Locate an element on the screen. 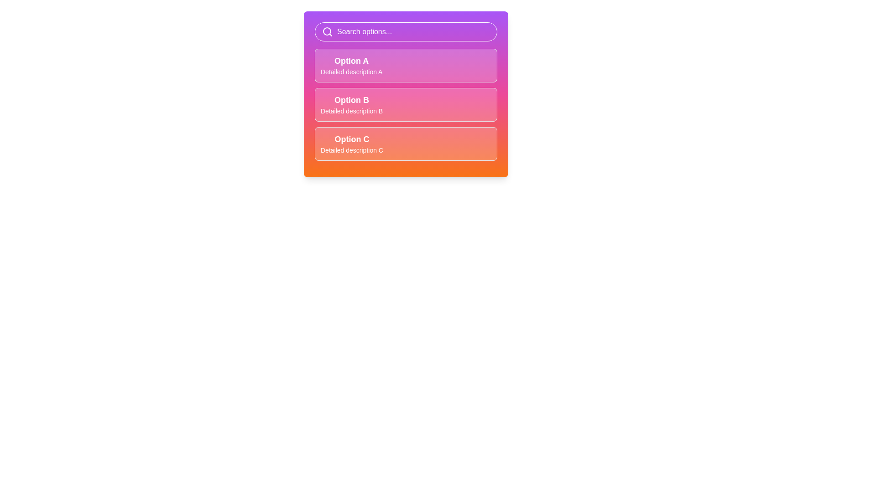  the second list item, which is a rectangular option box with a gradient background containing the title 'Option B' and description 'Detailed description B' is located at coordinates (405, 104).